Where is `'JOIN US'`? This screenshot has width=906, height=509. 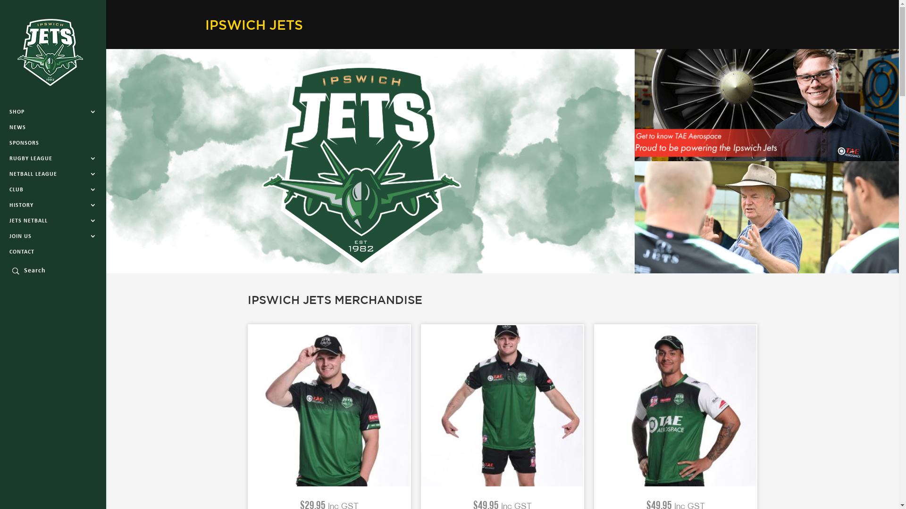 'JOIN US' is located at coordinates (52, 236).